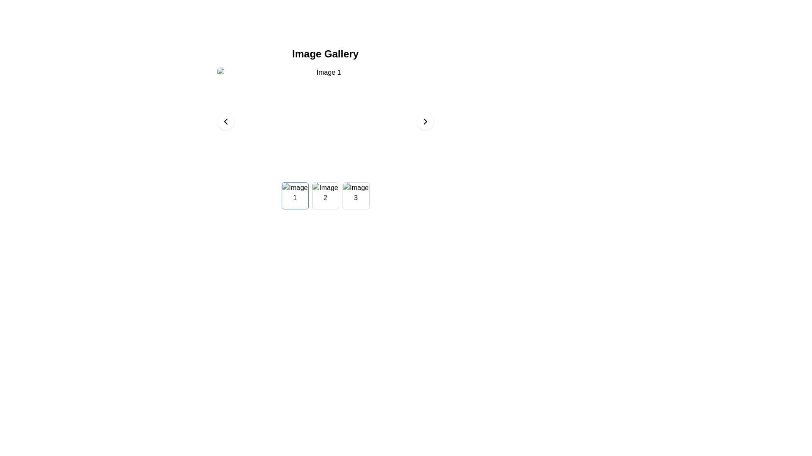 The image size is (812, 456). What do you see at coordinates (425, 122) in the screenshot?
I see `the Chevron Right icon within the right-aligned circular button` at bounding box center [425, 122].